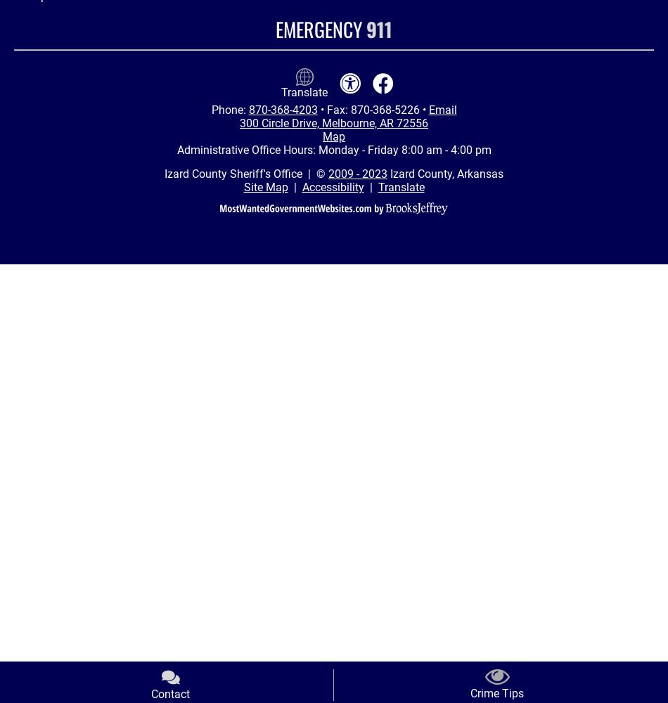  What do you see at coordinates (369, 110) in the screenshot?
I see `'• Fax: 870-368-5226'` at bounding box center [369, 110].